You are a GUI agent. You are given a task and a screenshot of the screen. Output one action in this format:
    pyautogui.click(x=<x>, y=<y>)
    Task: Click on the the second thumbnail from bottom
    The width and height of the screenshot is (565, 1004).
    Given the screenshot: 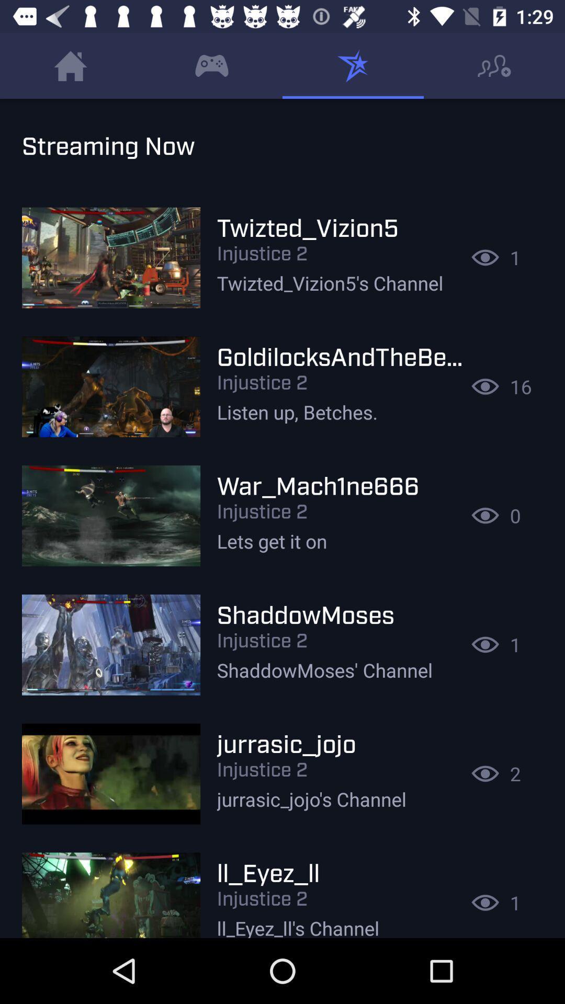 What is the action you would take?
    pyautogui.click(x=111, y=773)
    